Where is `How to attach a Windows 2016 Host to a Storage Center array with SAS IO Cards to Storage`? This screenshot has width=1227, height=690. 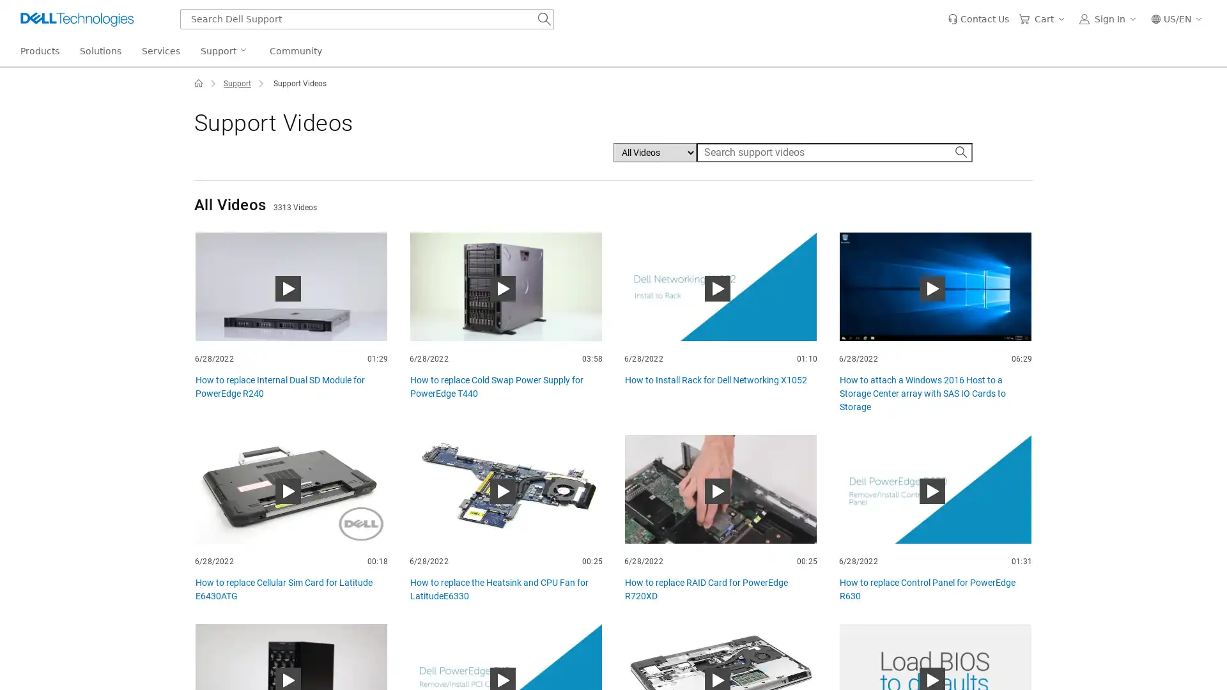
How to attach a Windows 2016 Host to a Storage Center array with SAS IO Cards to Storage is located at coordinates (936, 393).